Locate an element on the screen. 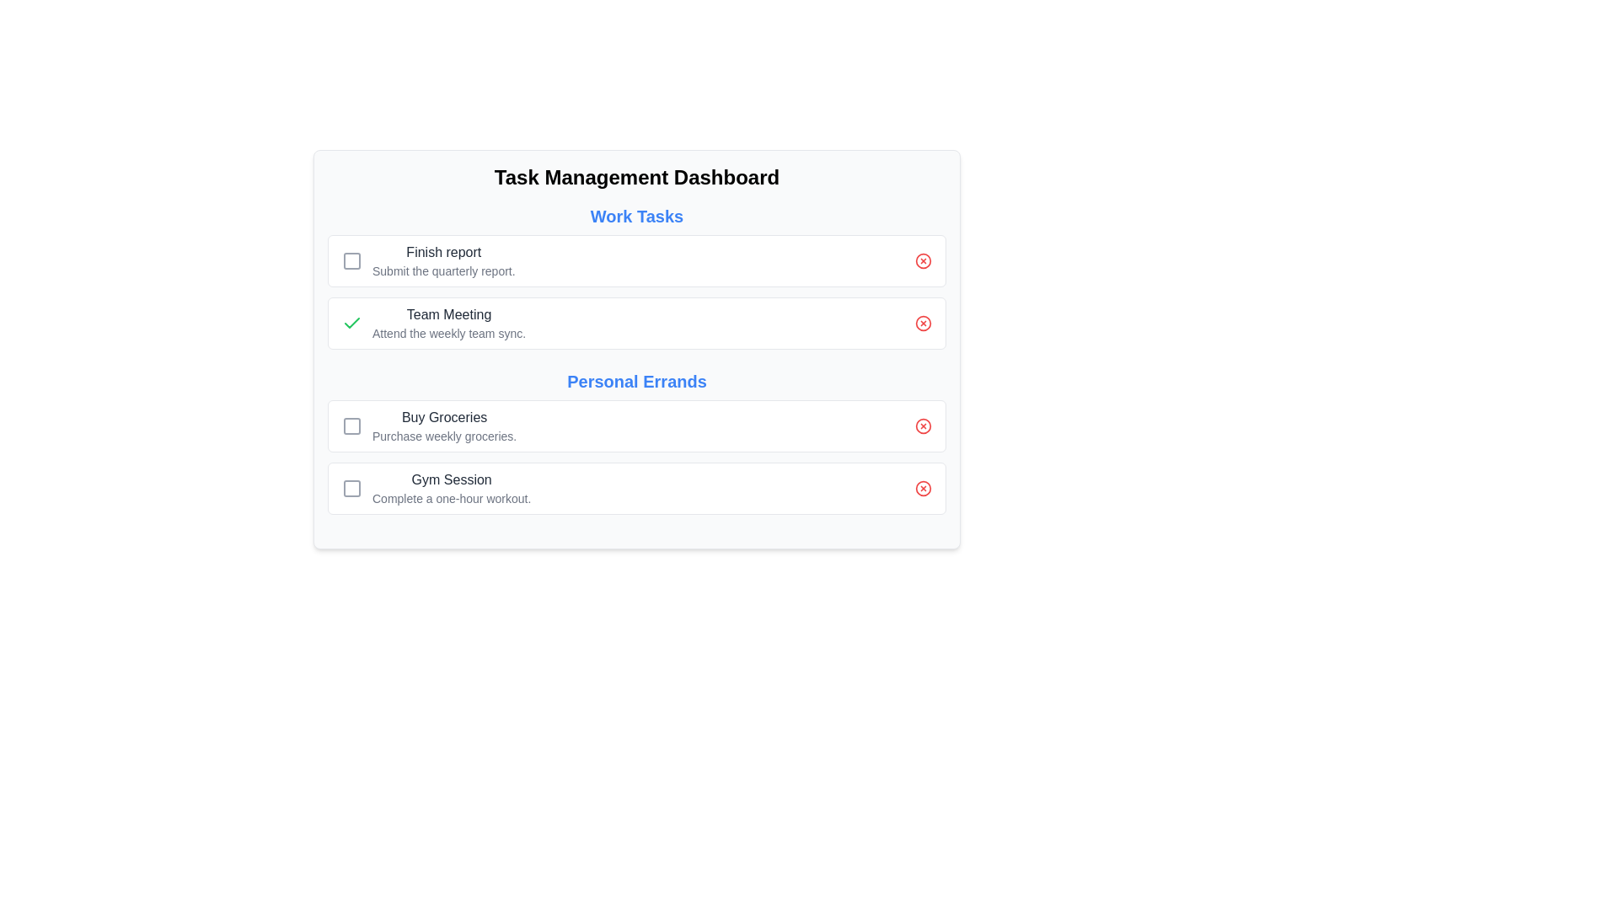 The image size is (1618, 910). the red circular SVG element that forms part of the larger icon indicating a cancellation symbol, located to the right of the 'Team Meeting' line in the 'Work Tasks' section is located at coordinates (922, 324).